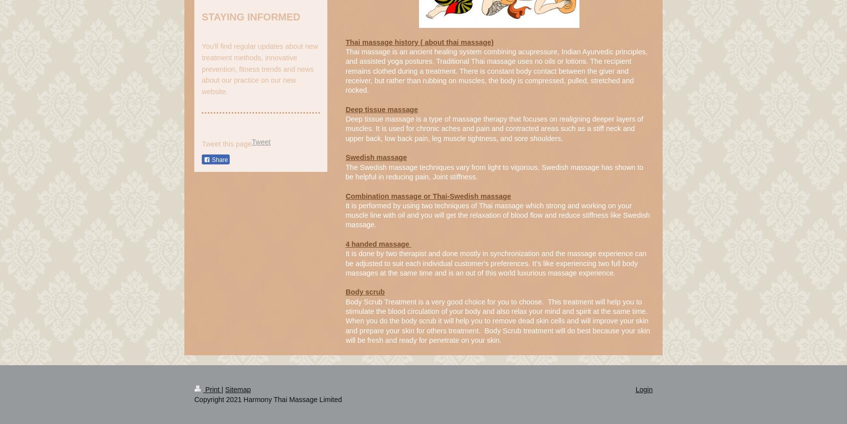 Image resolution: width=847 pixels, height=424 pixels. I want to click on '|', so click(222, 389).